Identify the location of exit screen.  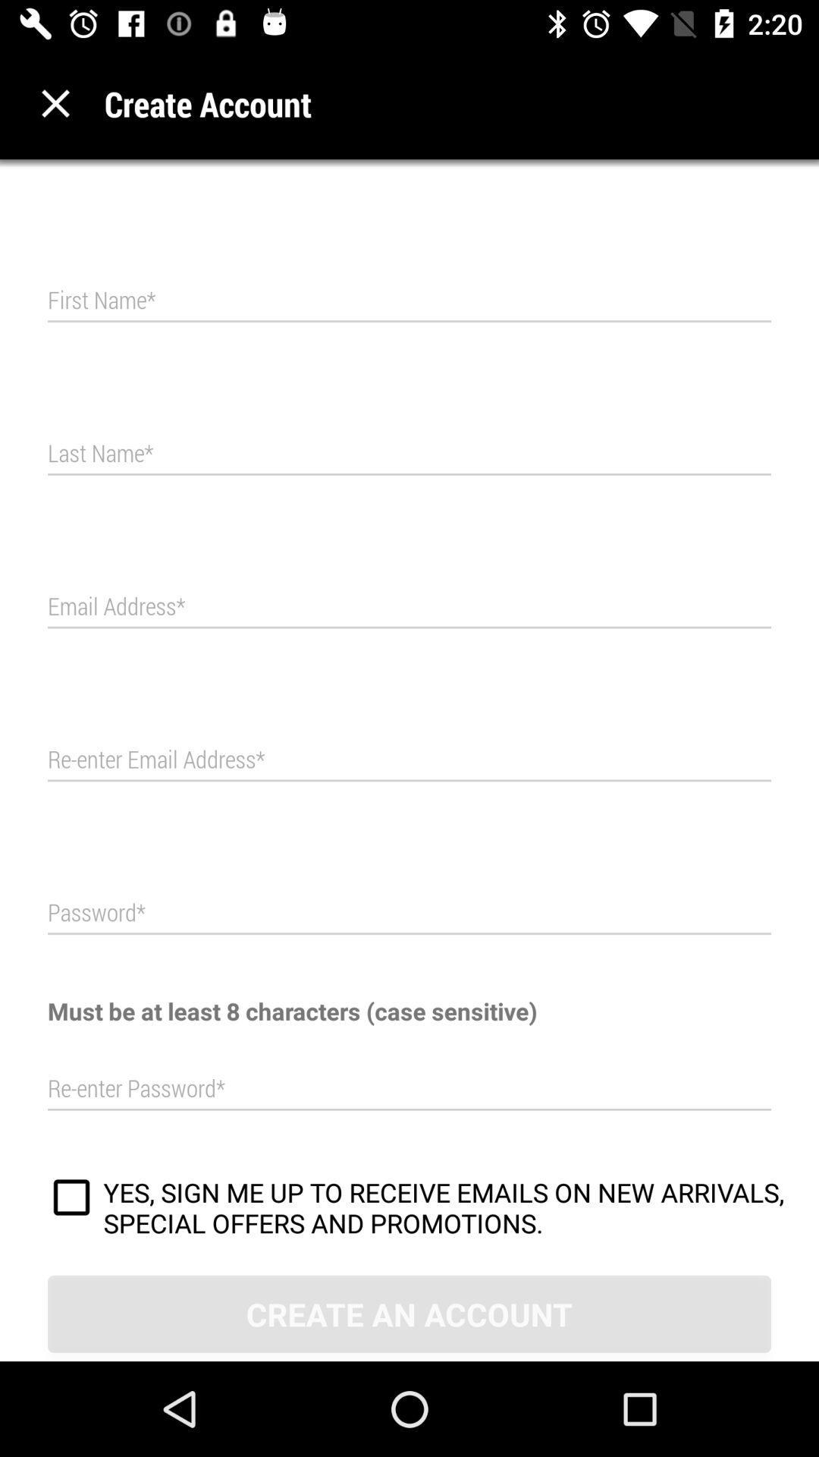
(55, 102).